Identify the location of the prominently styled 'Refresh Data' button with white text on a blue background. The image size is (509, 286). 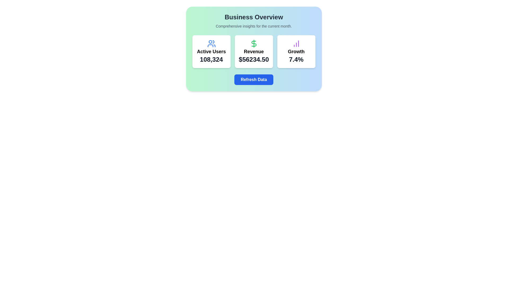
(253, 79).